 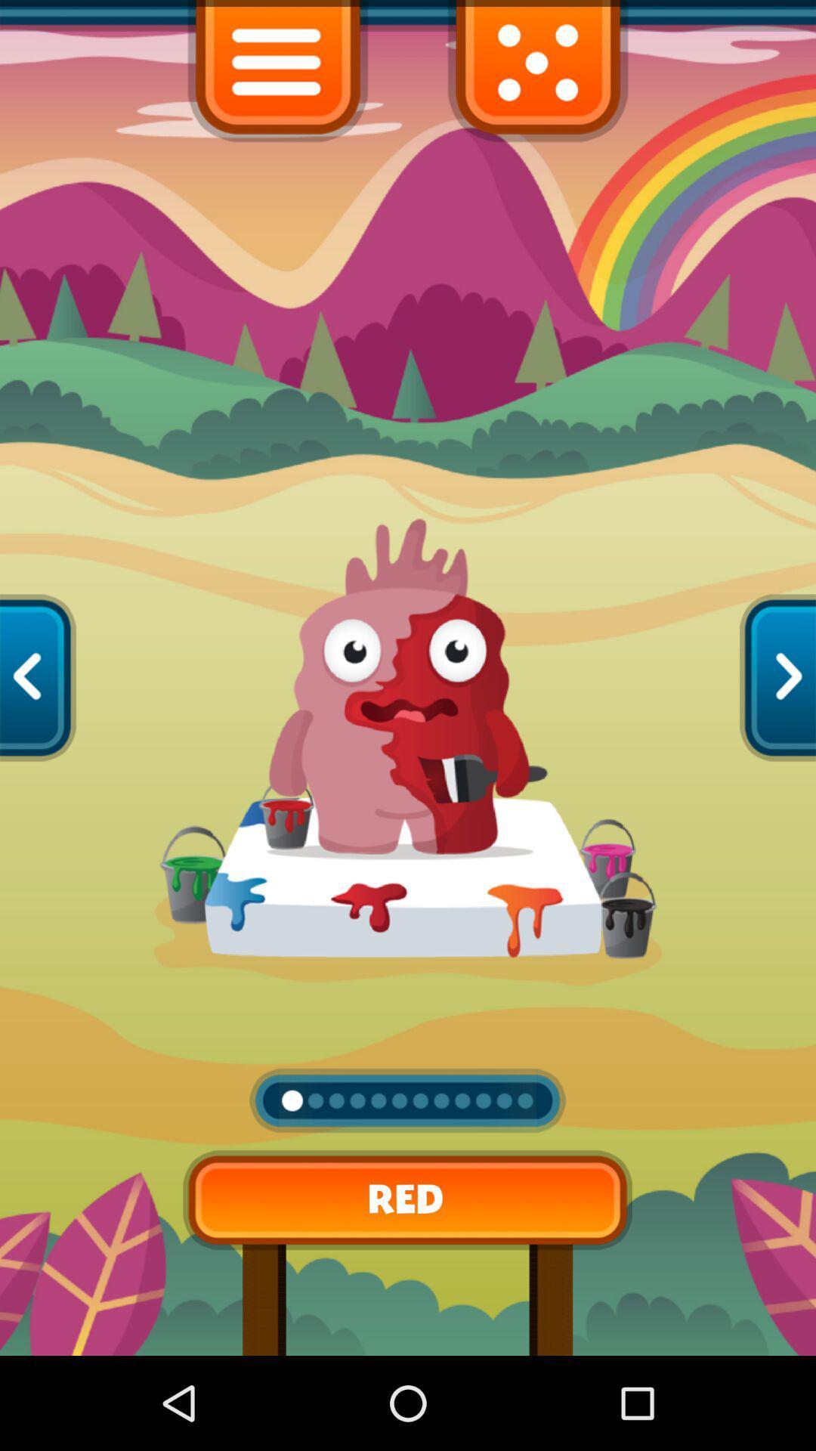 What do you see at coordinates (277, 76) in the screenshot?
I see `the menu icon` at bounding box center [277, 76].